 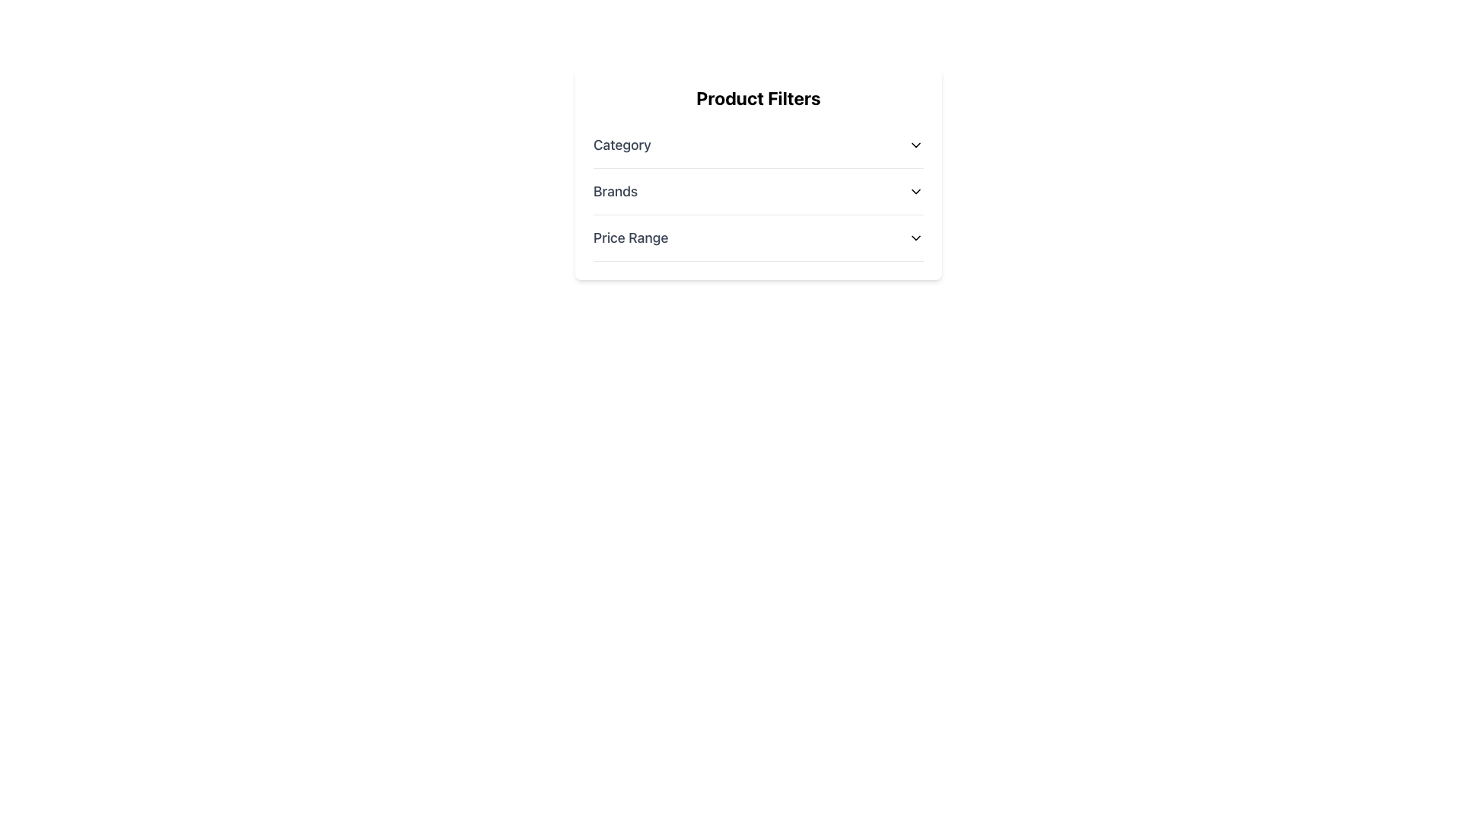 What do you see at coordinates (759, 145) in the screenshot?
I see `the 'Category' dropdown menu toggle in the 'Product Filters' section` at bounding box center [759, 145].